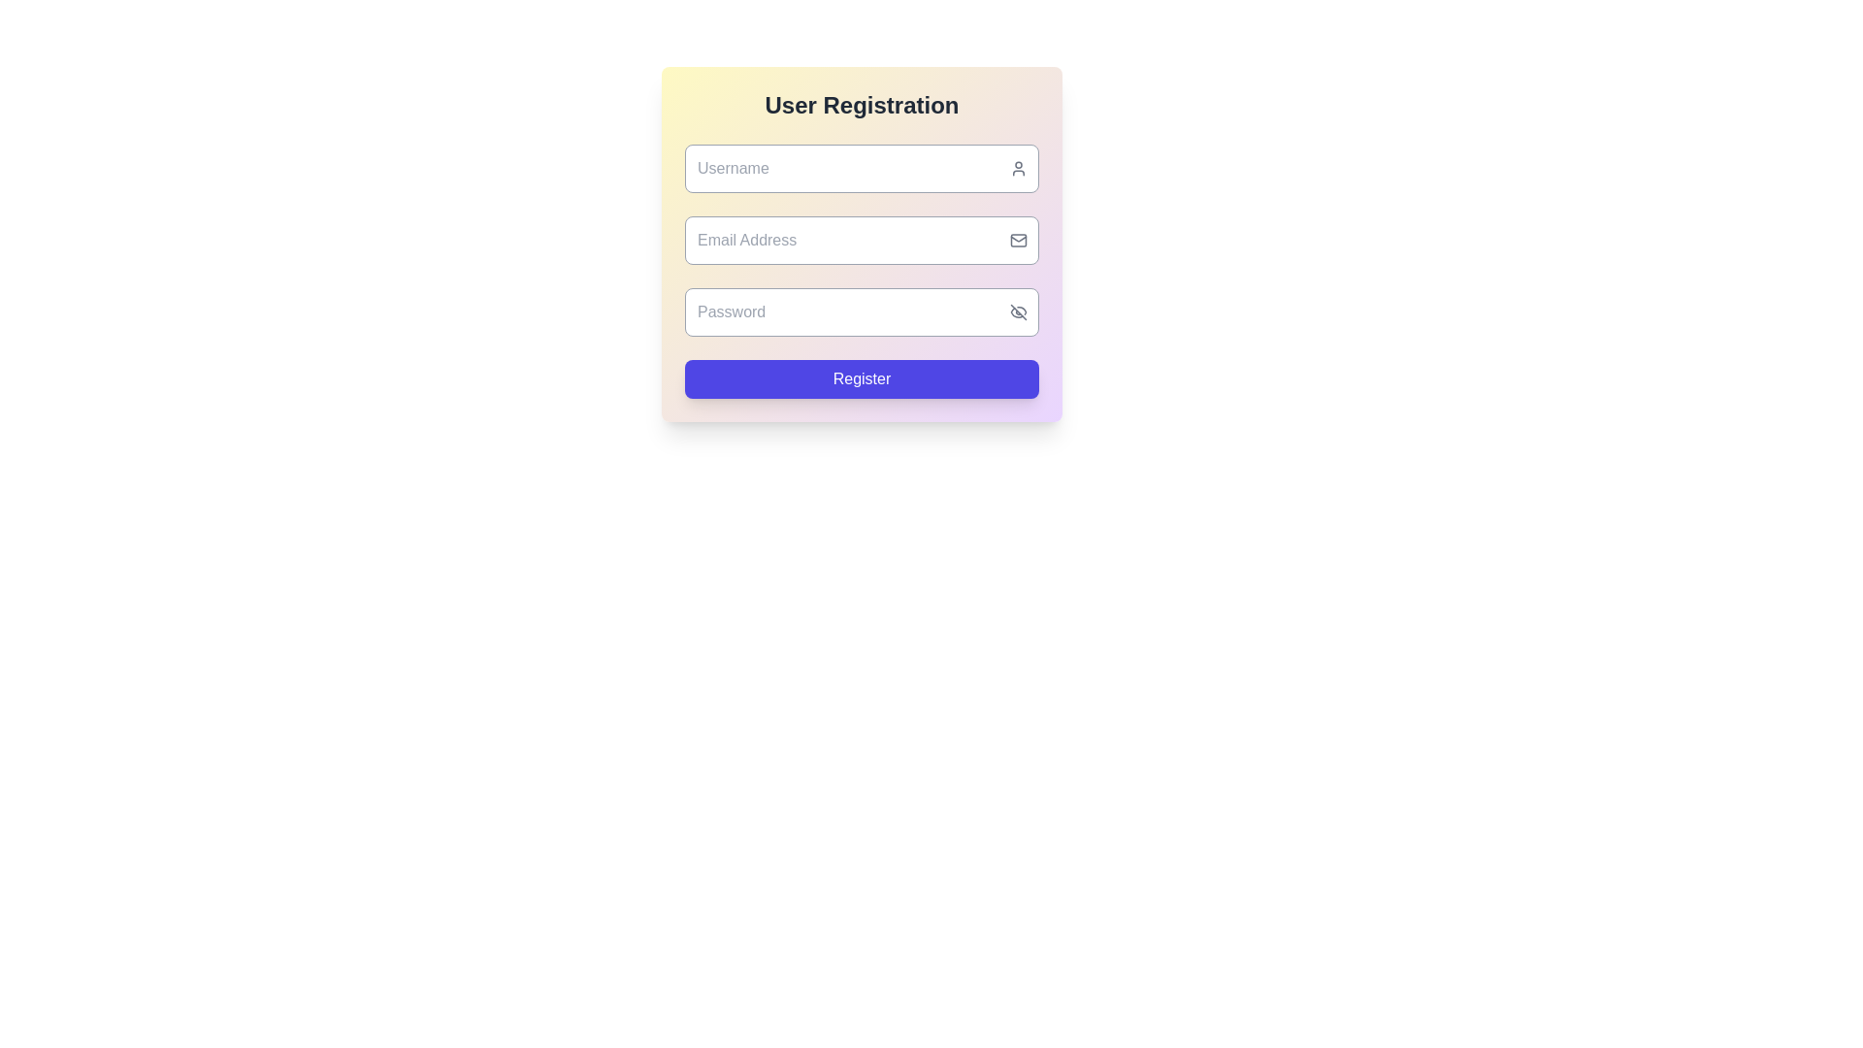 This screenshot has width=1863, height=1048. I want to click on the 'Username', 'Email Address', or 'Password' input fields in the multi-field form section to type information, so click(861, 272).